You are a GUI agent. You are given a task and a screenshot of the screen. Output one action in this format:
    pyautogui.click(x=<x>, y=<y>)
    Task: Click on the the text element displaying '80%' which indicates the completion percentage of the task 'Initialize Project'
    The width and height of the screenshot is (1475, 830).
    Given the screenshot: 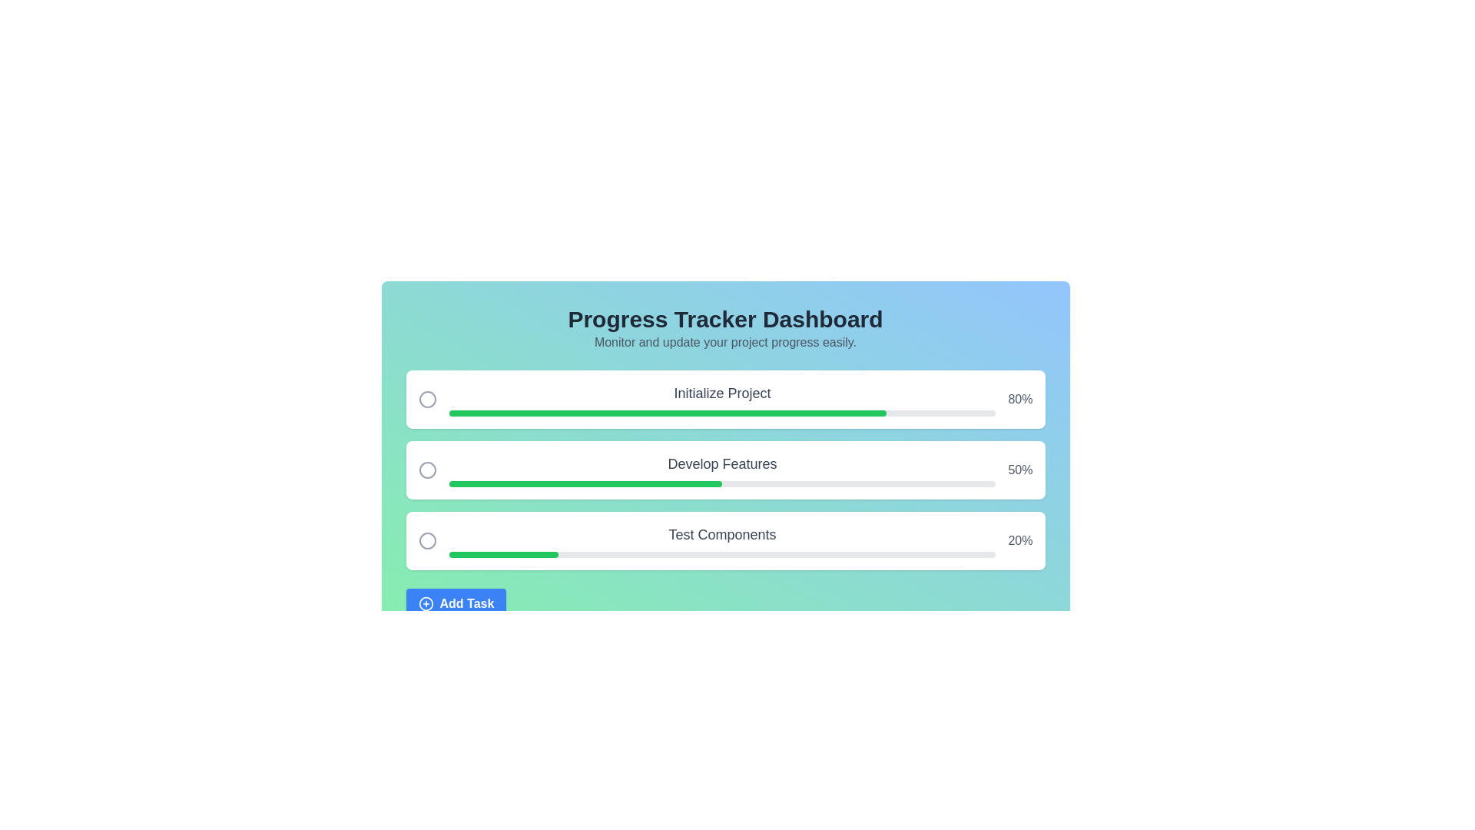 What is the action you would take?
    pyautogui.click(x=1020, y=399)
    